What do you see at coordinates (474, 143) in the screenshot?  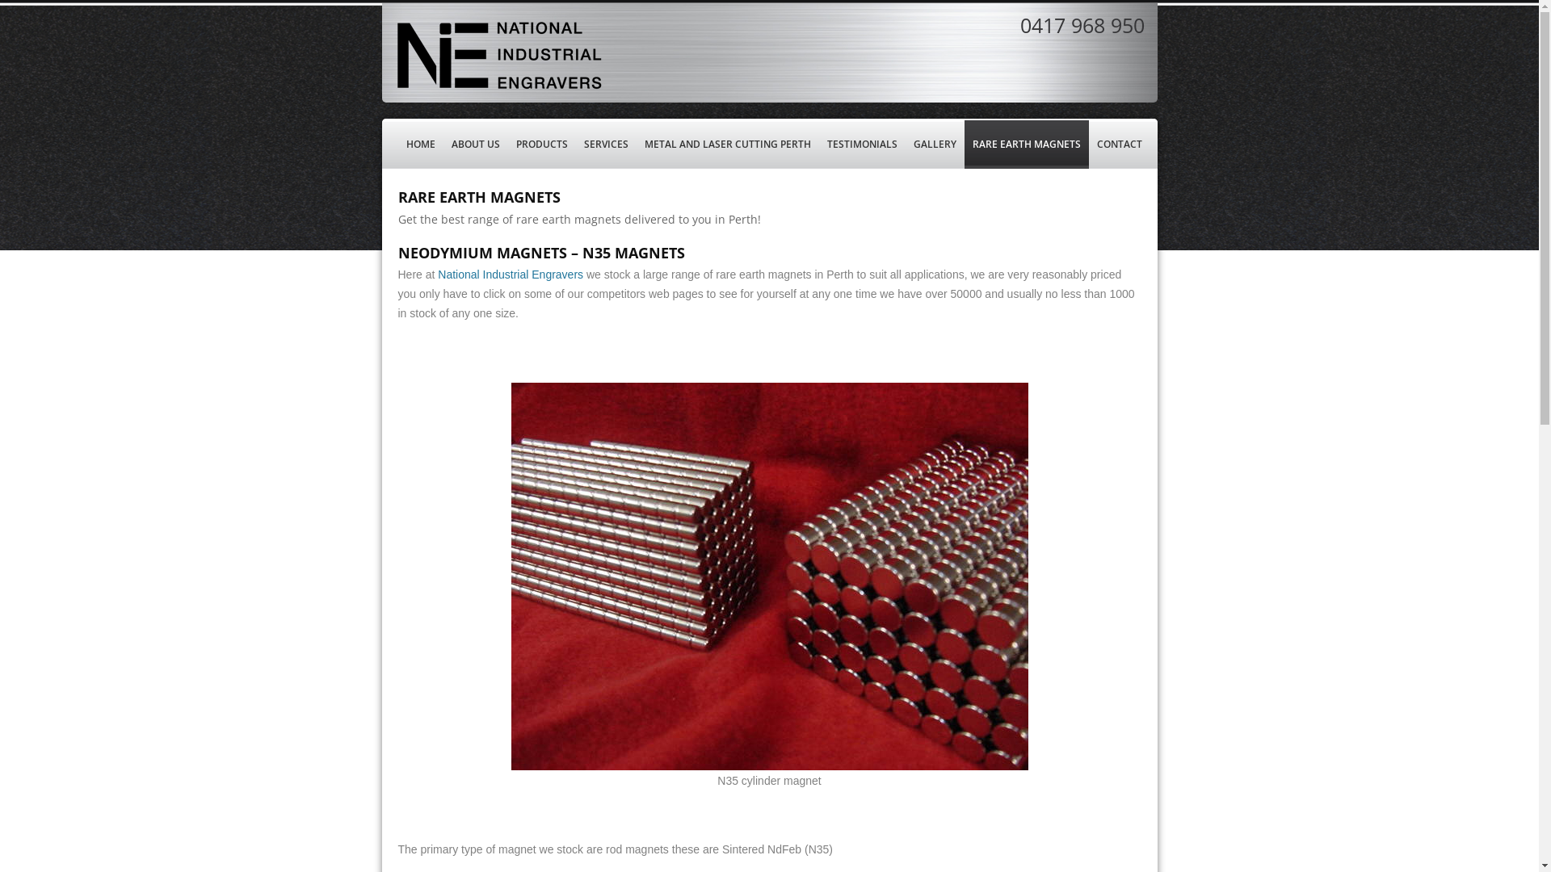 I see `'ABOUT US'` at bounding box center [474, 143].